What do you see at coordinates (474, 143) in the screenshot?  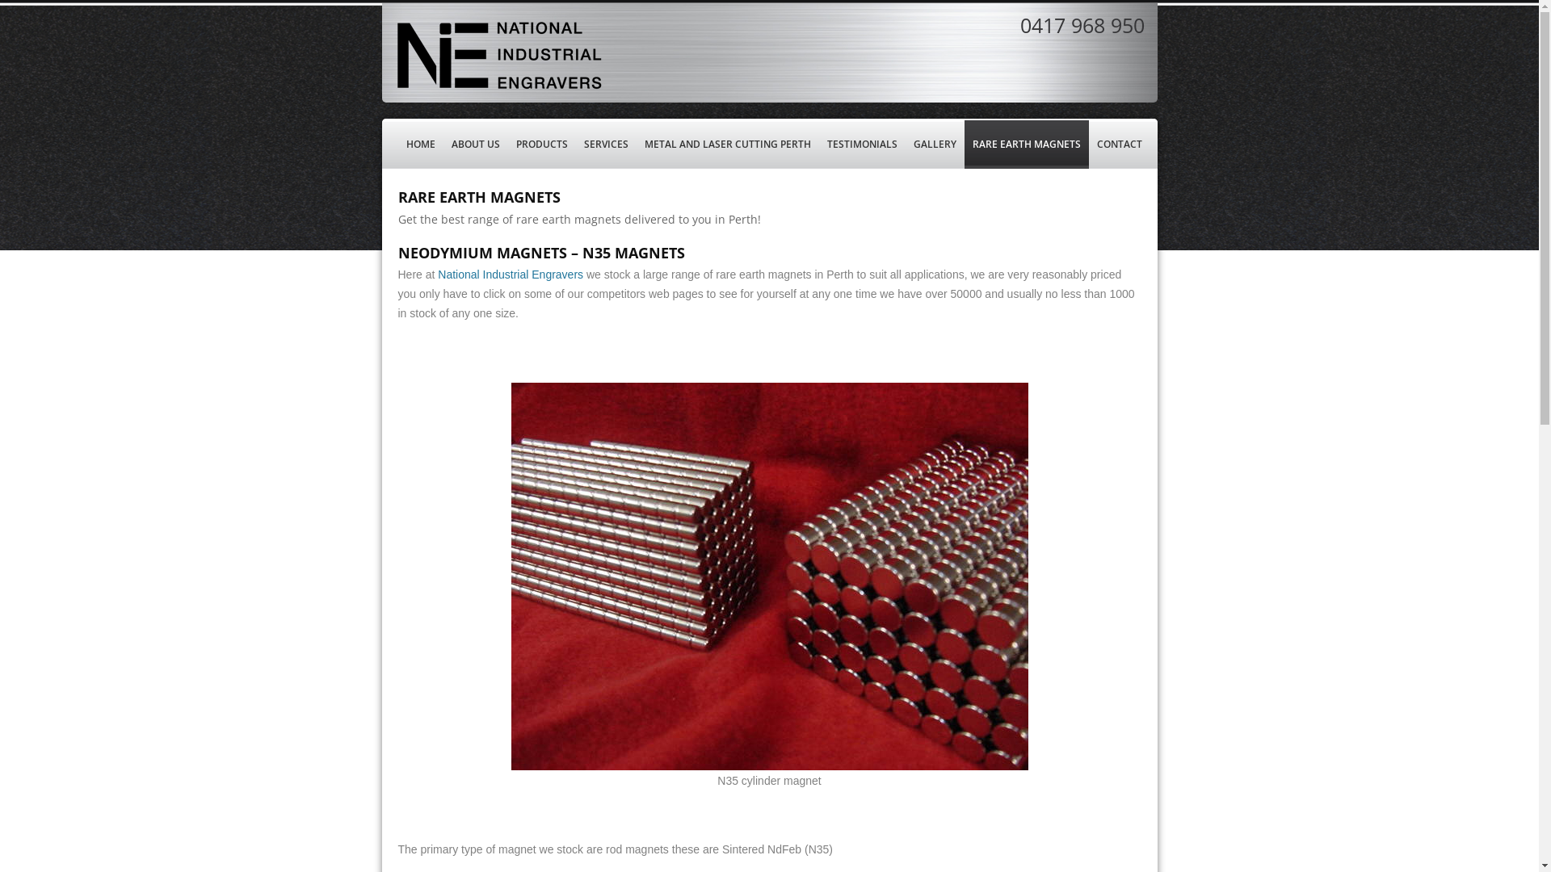 I see `'ABOUT US'` at bounding box center [474, 143].